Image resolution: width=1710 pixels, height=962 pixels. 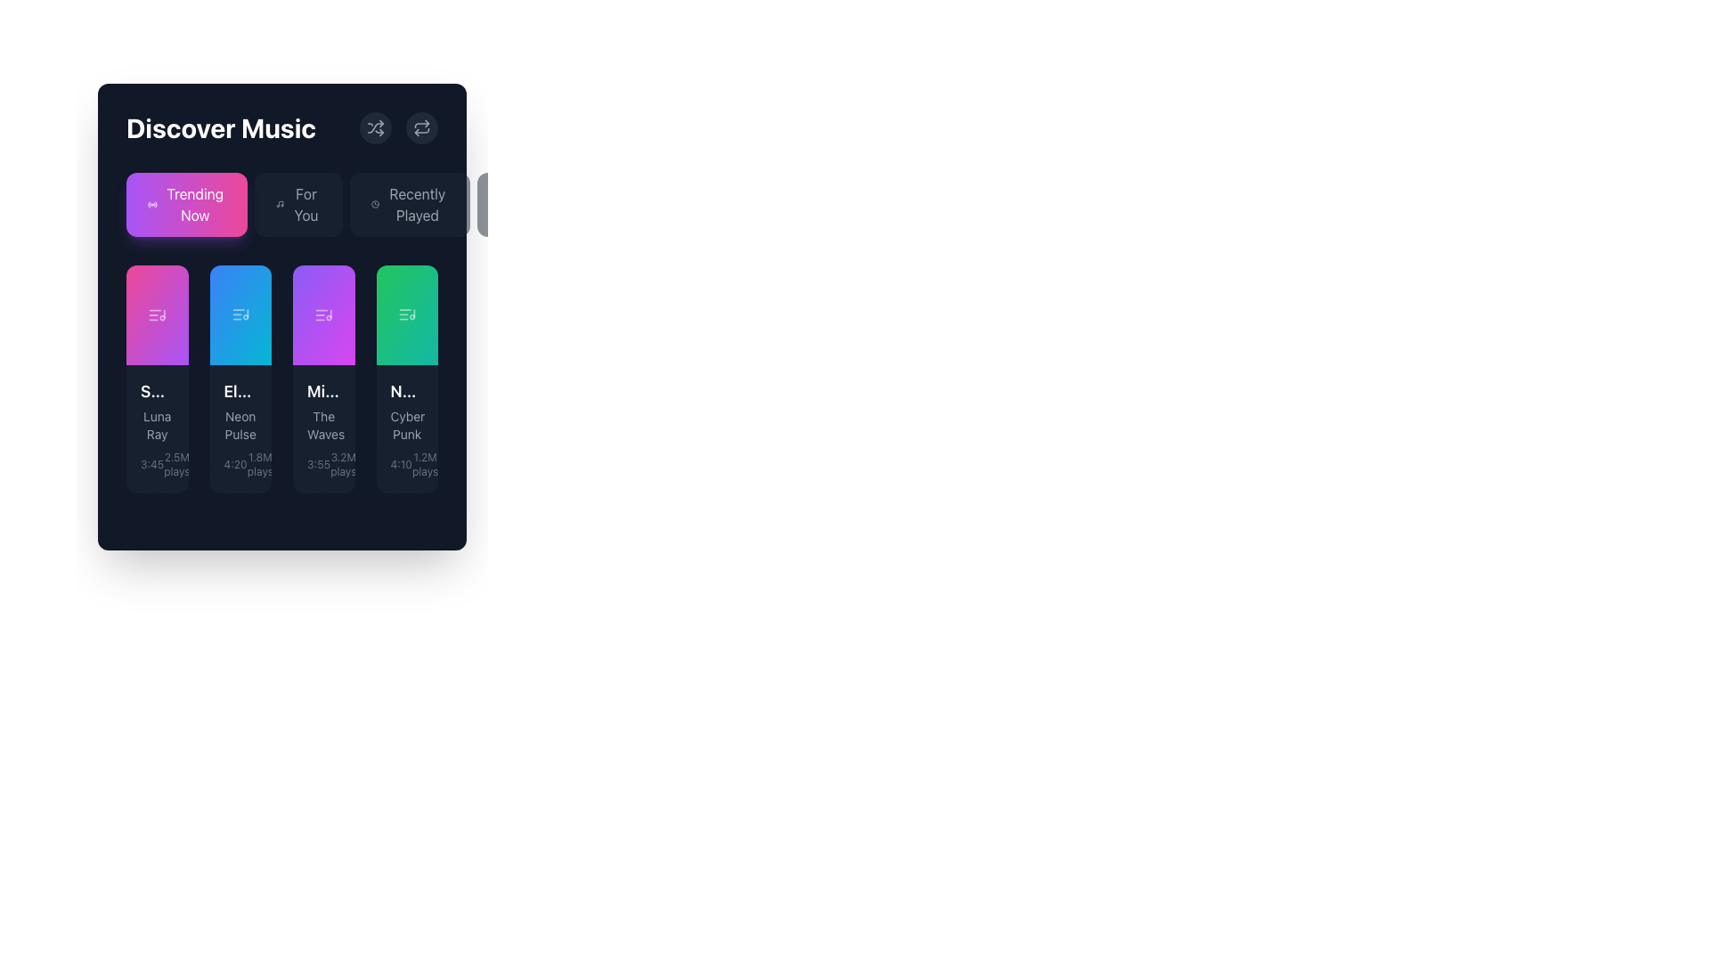 What do you see at coordinates (323, 463) in the screenshot?
I see `the information display text that shows the track duration and number of plays, located at the bottom of the 'Midnight Drive' and 'The Waves' card` at bounding box center [323, 463].